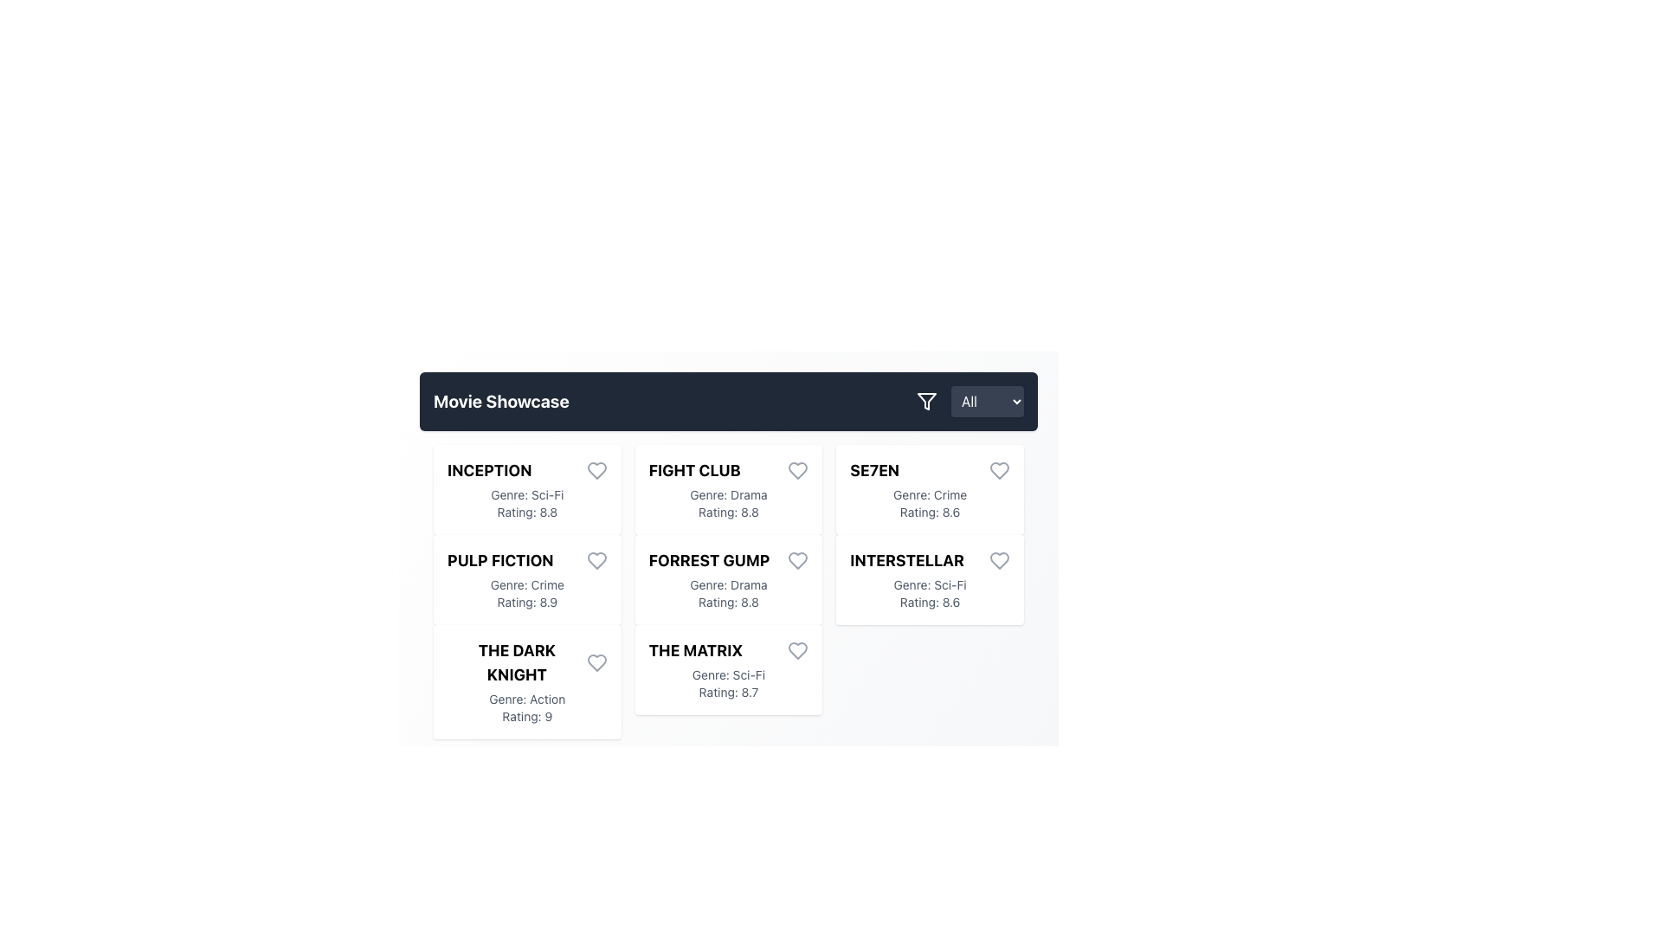 This screenshot has height=935, width=1662. Describe the element at coordinates (925, 401) in the screenshot. I see `the center of the filter icon located in the toolbar at the top right side of the interface` at that location.